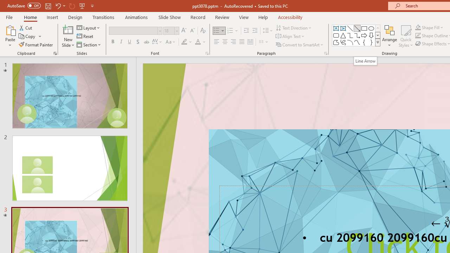  I want to click on 'Clear Formatting', so click(202, 30).